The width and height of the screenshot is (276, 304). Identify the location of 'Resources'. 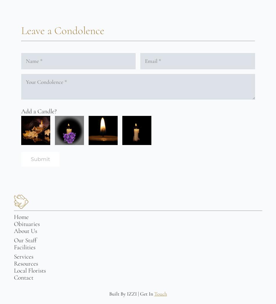
(14, 264).